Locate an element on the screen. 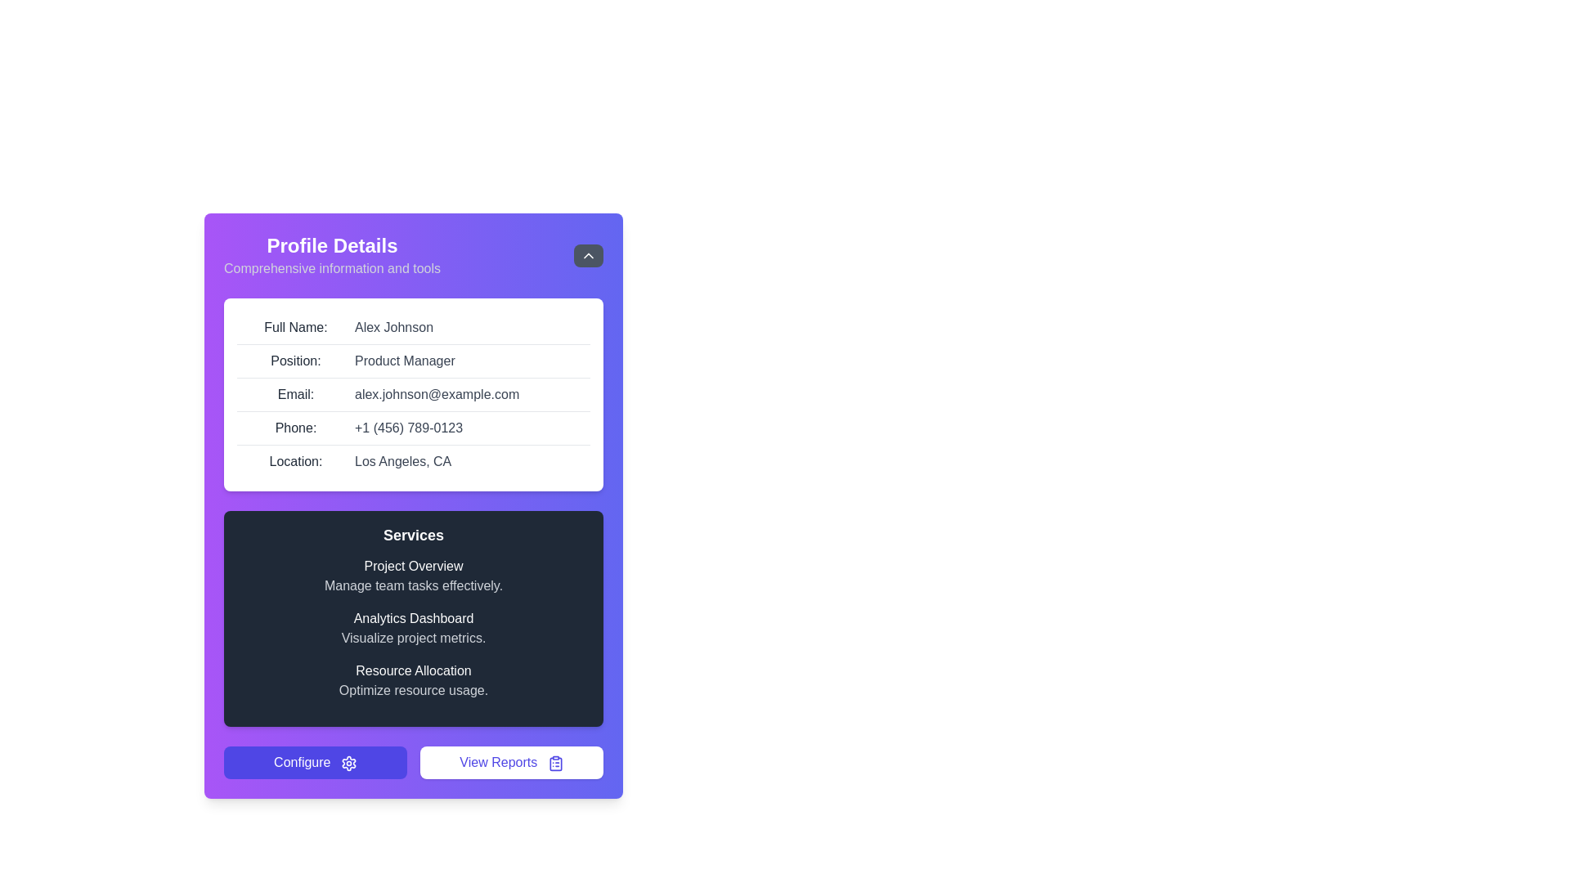 This screenshot has height=883, width=1570. the rectangular button with rounded corners labeled 'View Reports' to observe its hover effects is located at coordinates (510, 763).